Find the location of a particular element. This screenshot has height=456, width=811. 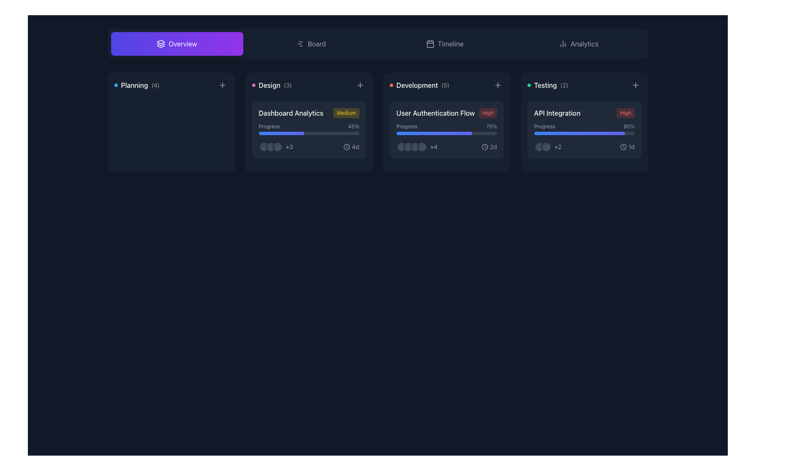

the Avatar group labeled '+3' located in the bottom-left corner of the 'Dashboard Analytics' card under the 'Design' section, adjacent to a progress bar is located at coordinates (275, 146).